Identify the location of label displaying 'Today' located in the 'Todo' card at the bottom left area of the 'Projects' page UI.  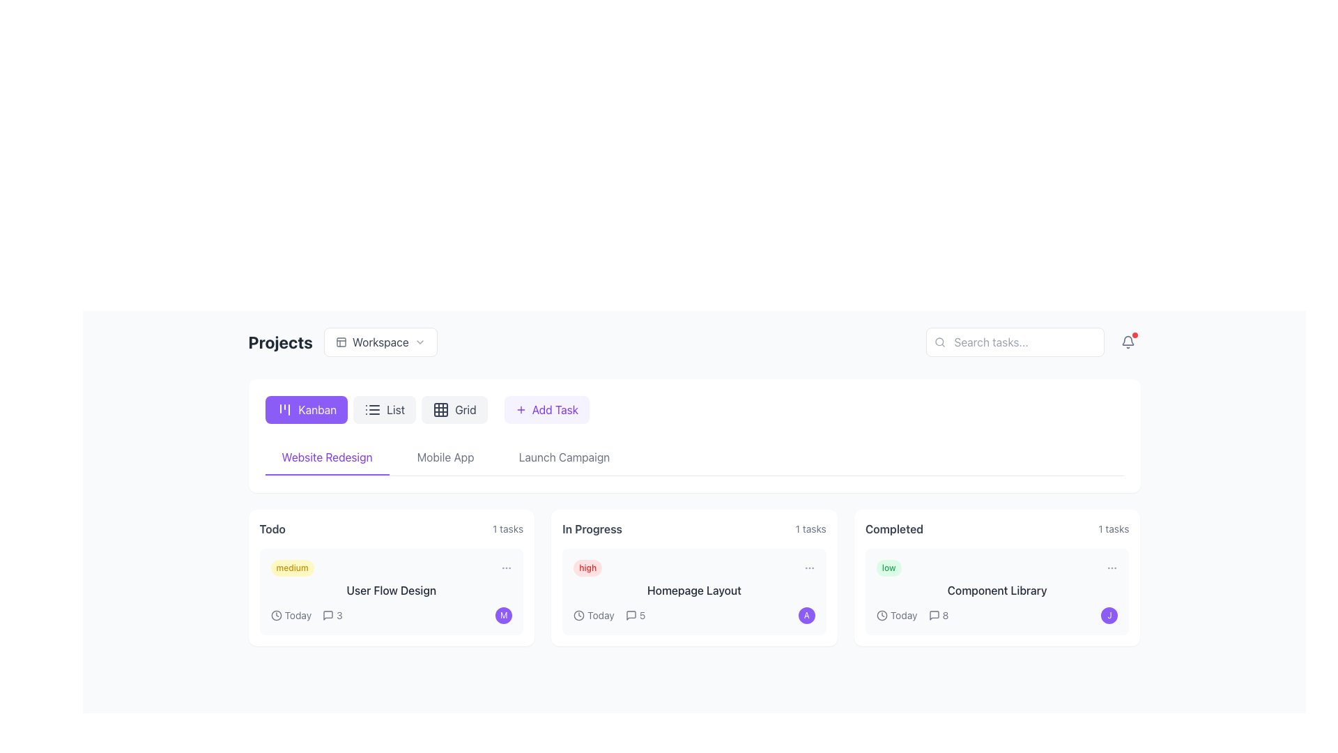
(297, 615).